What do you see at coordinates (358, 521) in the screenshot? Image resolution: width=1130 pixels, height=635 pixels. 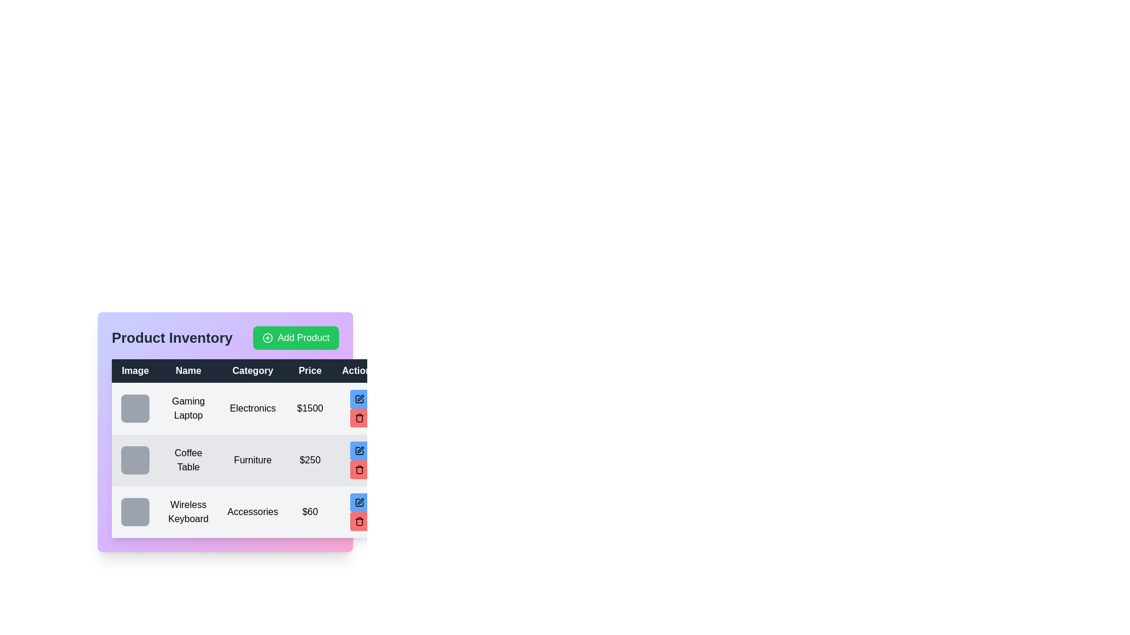 I see `the red delete button with a trash can icon, located in the 'Action' column of the row labeled 'Wireless Keyboard'` at bounding box center [358, 521].